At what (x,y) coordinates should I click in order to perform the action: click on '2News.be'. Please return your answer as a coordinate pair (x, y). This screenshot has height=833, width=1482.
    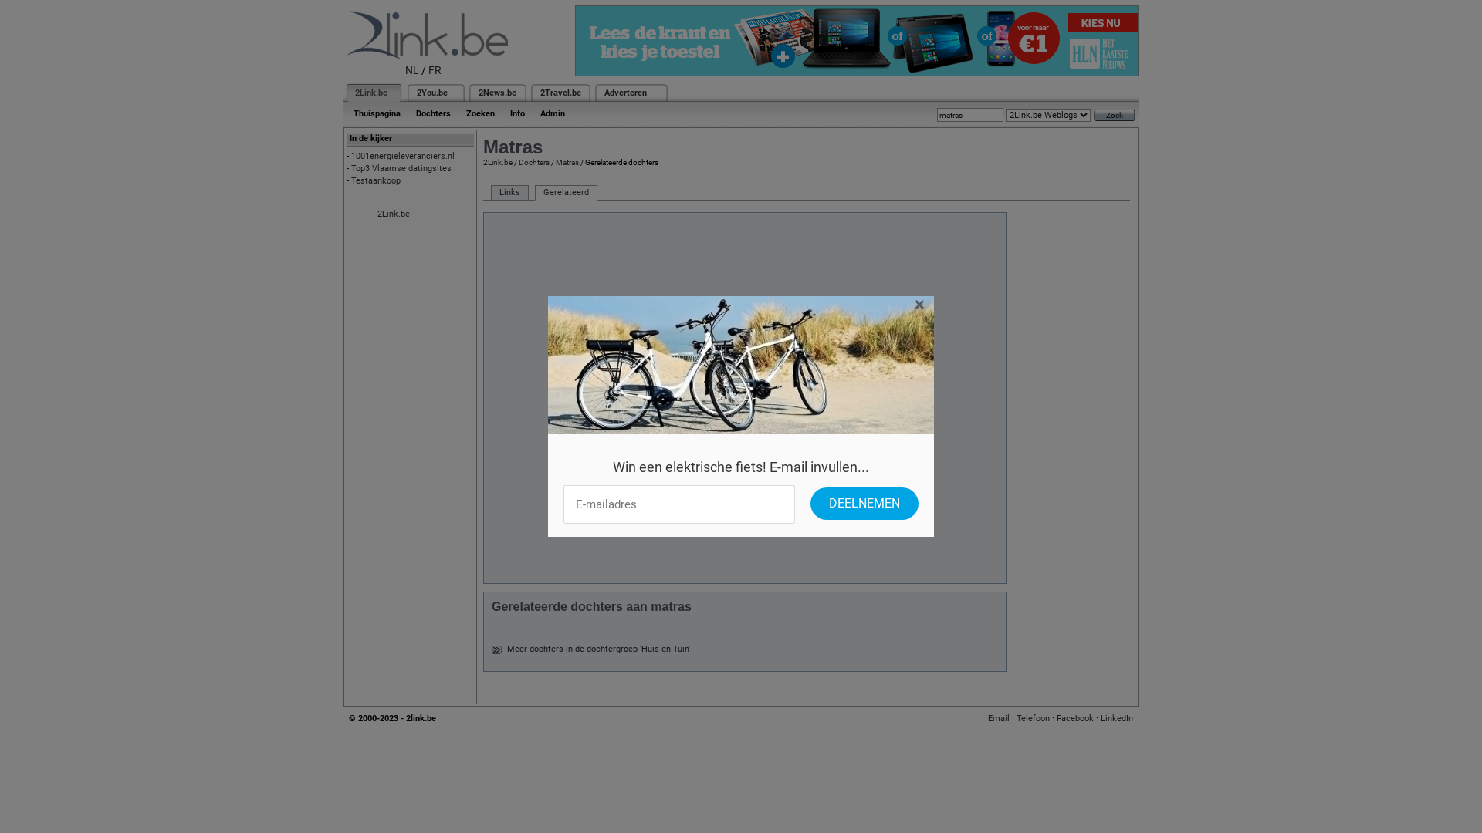
    Looking at the image, I should click on (497, 93).